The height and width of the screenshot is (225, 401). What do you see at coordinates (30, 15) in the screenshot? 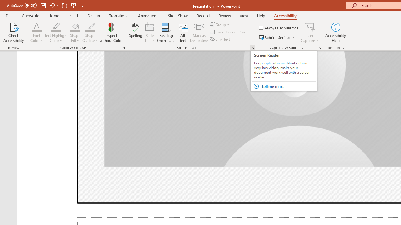
I see `'Grayscale'` at bounding box center [30, 15].